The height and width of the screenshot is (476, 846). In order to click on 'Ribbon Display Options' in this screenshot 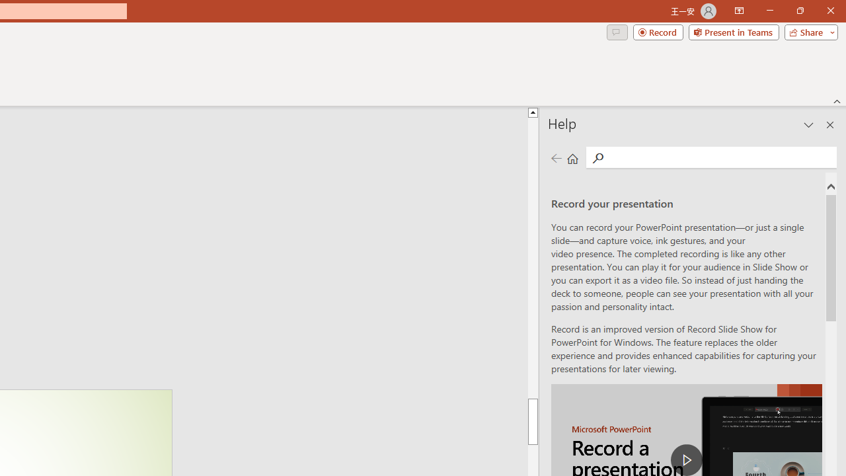, I will do `click(738, 11)`.